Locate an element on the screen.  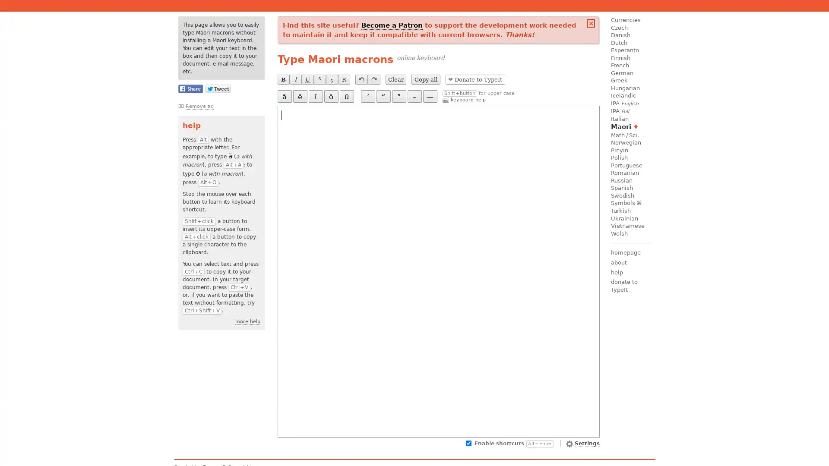
u is located at coordinates (346, 96).